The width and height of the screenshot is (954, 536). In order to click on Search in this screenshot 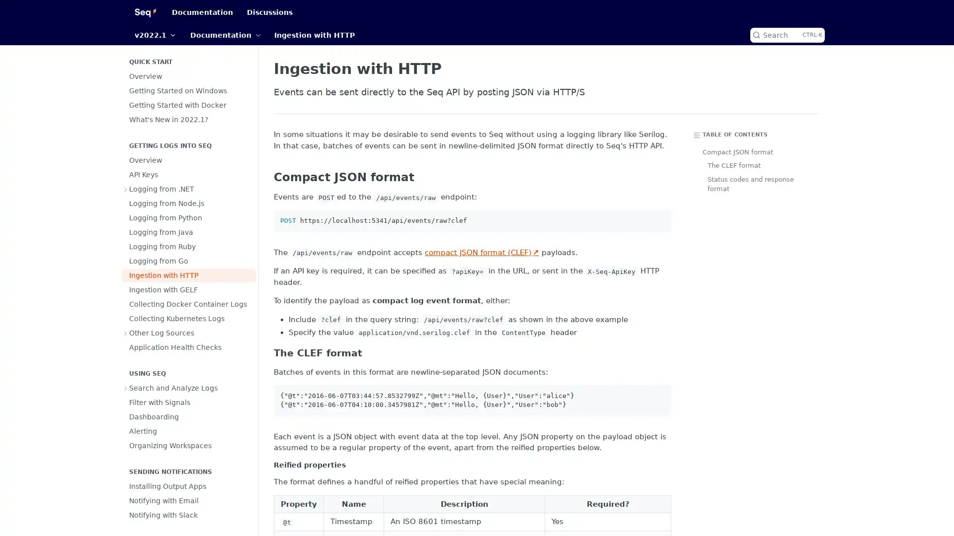, I will do `click(787, 34)`.